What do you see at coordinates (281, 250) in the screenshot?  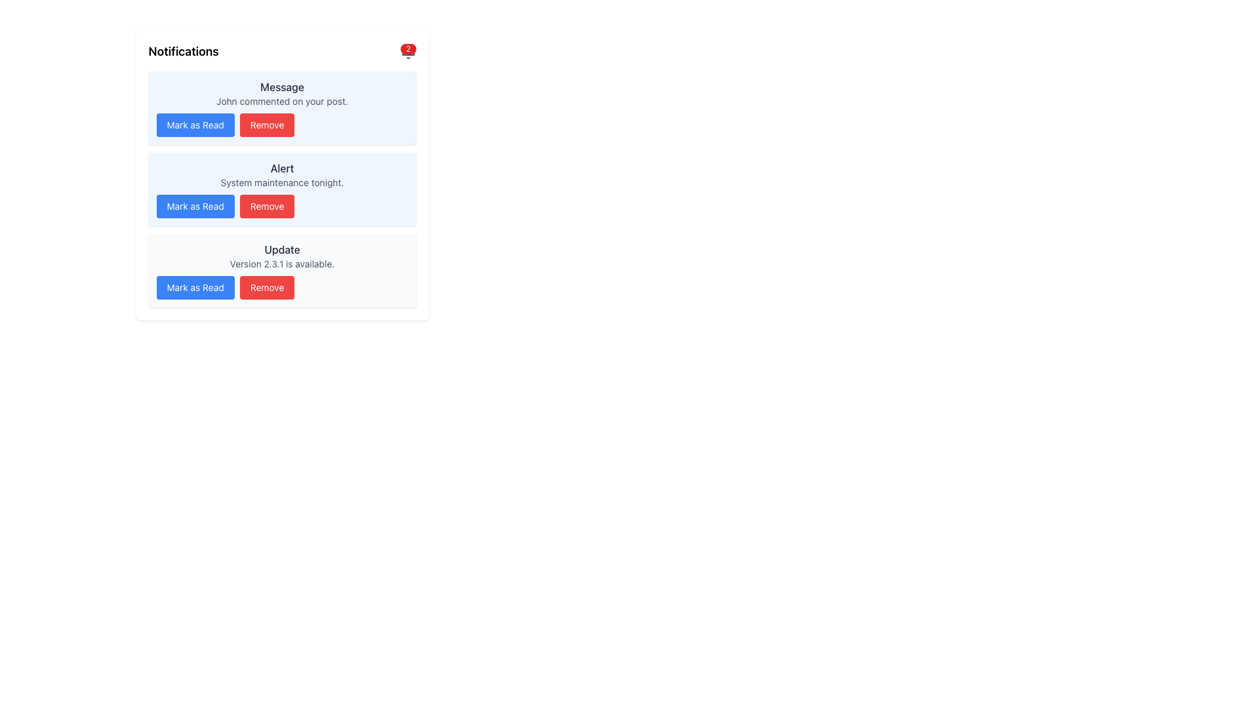 I see `the 'Update' text label within the 'Notifications' context box, which is styled with a medium font weight and dark gray color` at bounding box center [281, 250].